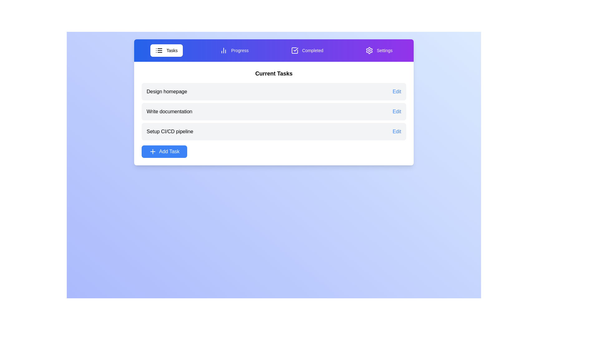 This screenshot has width=599, height=337. Describe the element at coordinates (167, 91) in the screenshot. I see `the text label that describes the first task` at that location.